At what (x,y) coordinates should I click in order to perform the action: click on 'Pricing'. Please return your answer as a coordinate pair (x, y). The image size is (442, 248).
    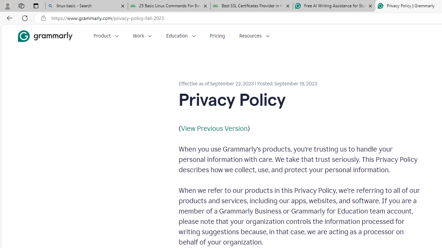
    Looking at the image, I should click on (217, 36).